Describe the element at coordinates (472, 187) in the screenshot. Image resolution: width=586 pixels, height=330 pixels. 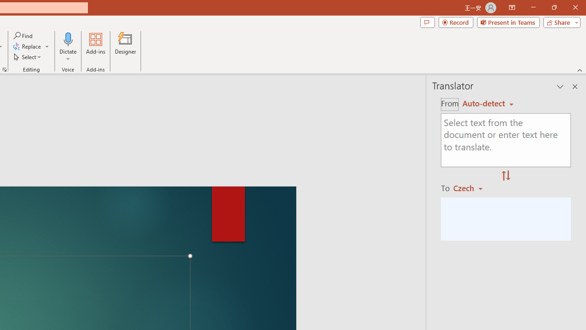
I see `'Czech'` at that location.